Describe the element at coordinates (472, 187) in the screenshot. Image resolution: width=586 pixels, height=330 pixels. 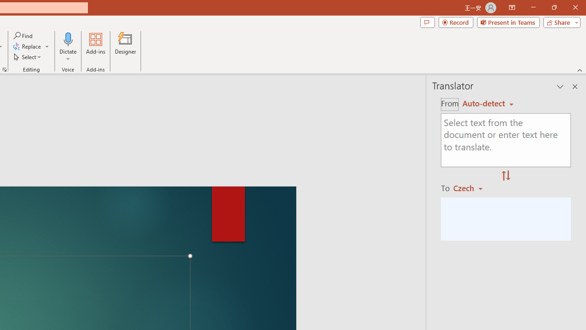
I see `'Czech'` at that location.